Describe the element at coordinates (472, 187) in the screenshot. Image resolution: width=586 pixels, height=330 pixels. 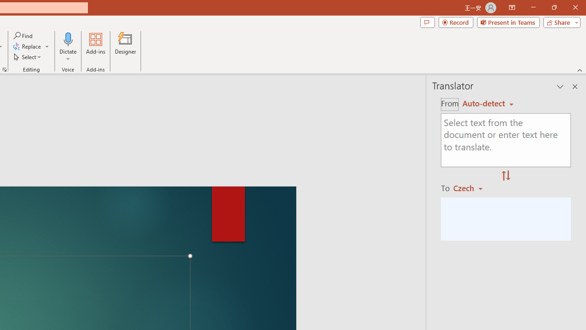
I see `'Czech'` at that location.